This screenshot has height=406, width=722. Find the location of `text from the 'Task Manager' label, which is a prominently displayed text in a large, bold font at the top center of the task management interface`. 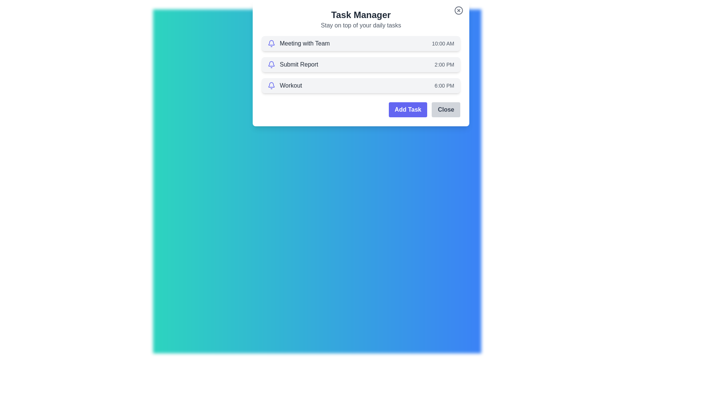

text from the 'Task Manager' label, which is a prominently displayed text in a large, bold font at the top center of the task management interface is located at coordinates (361, 15).